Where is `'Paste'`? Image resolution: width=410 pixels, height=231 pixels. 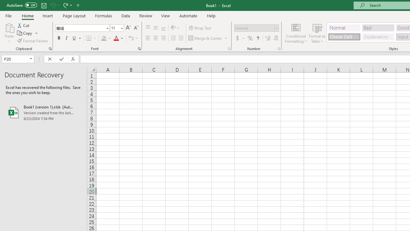
'Paste' is located at coordinates (9, 33).